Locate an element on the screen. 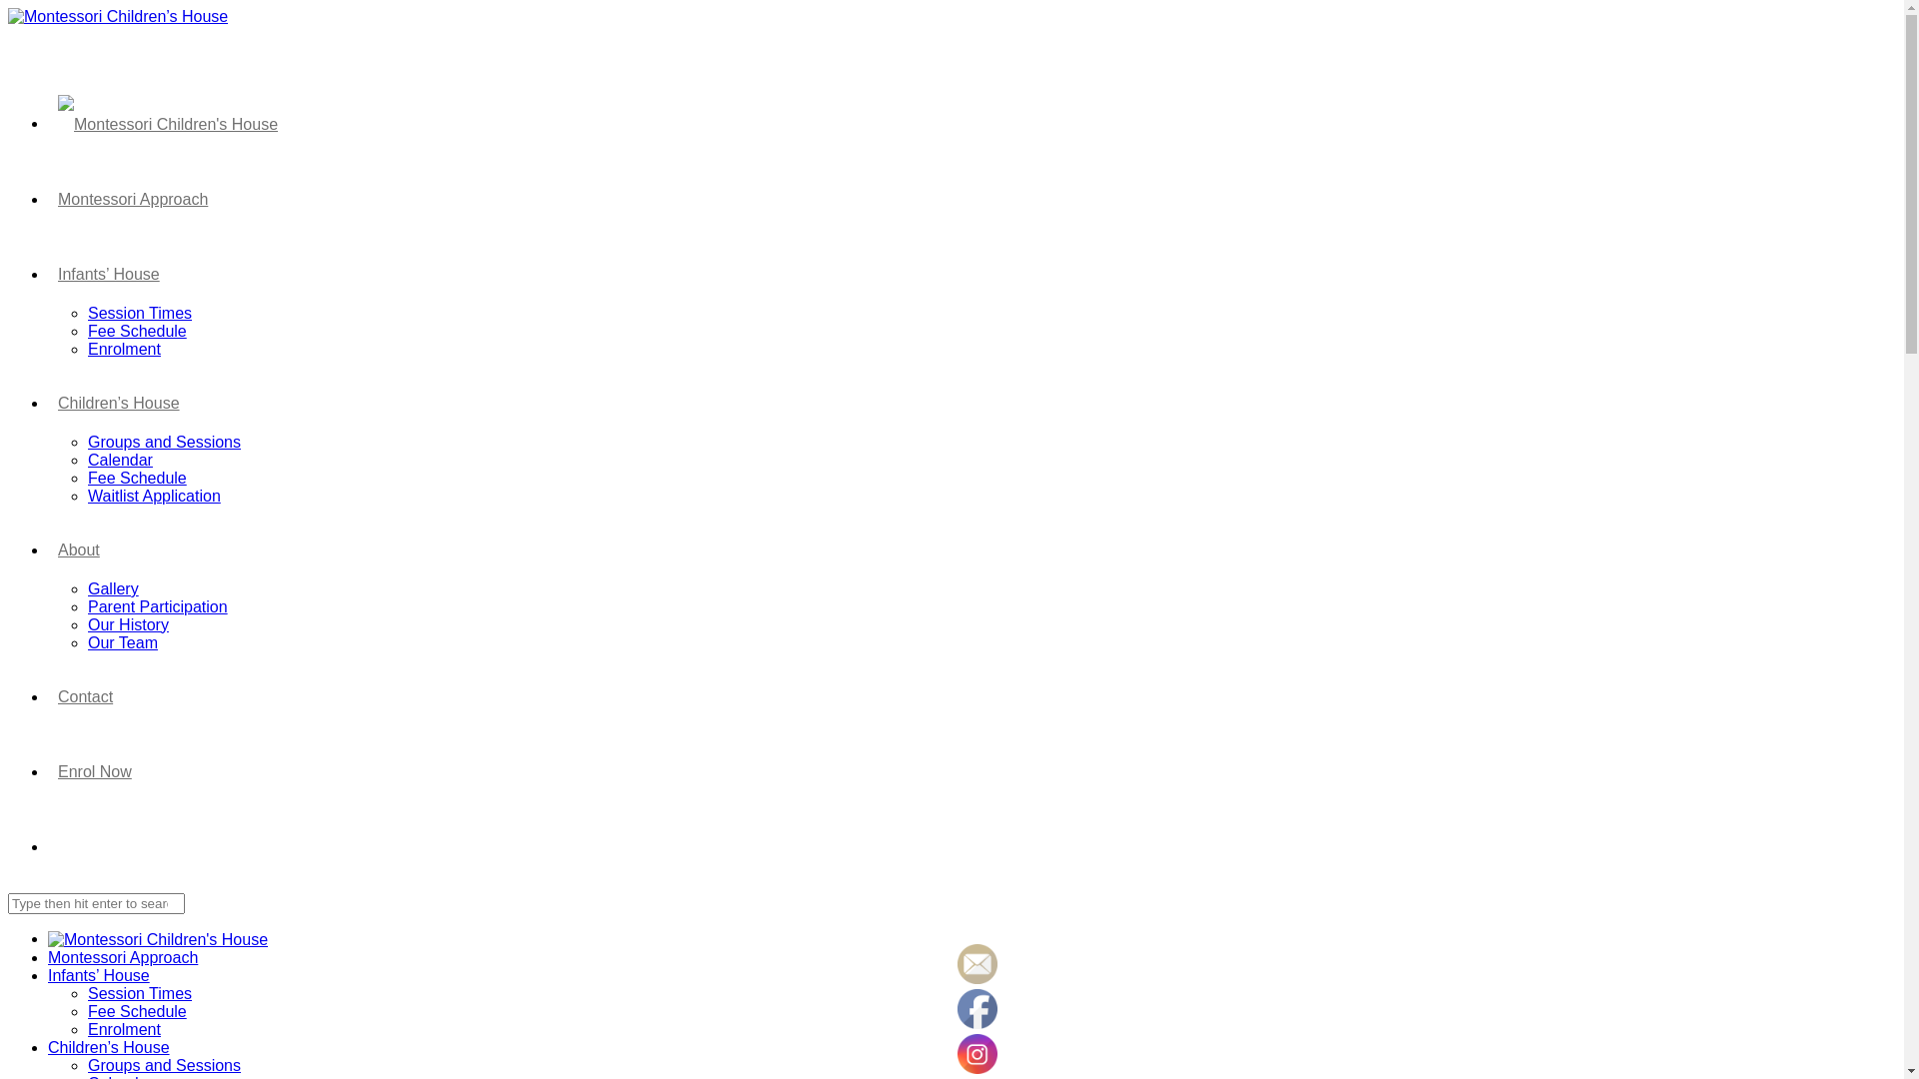  'Fee Schedule' is located at coordinates (136, 1011).